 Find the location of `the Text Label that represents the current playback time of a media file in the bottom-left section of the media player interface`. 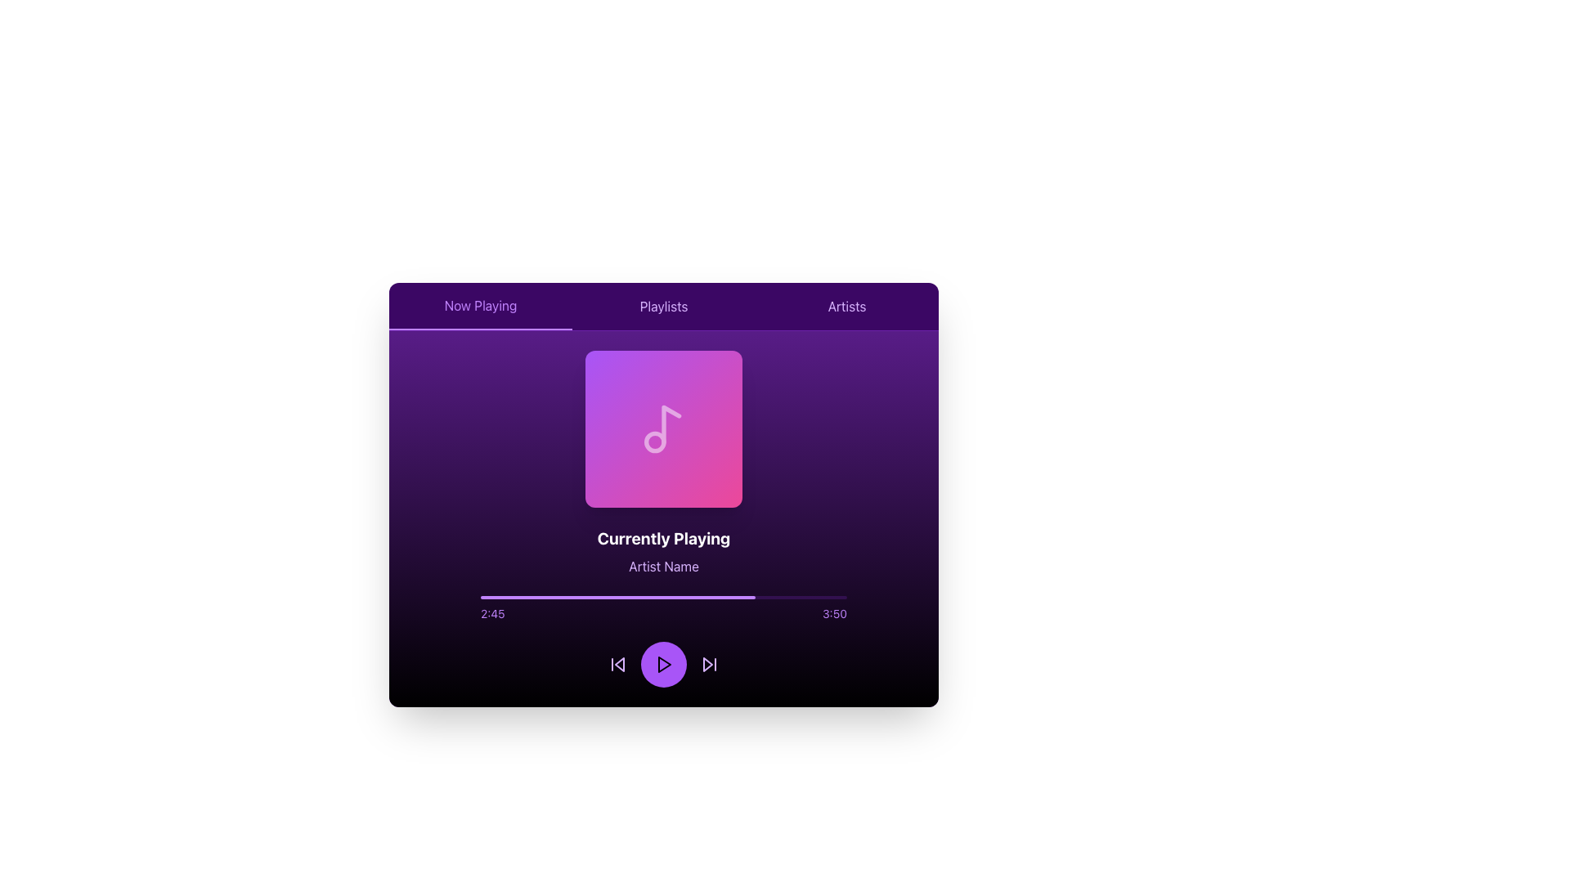

the Text Label that represents the current playback time of a media file in the bottom-left section of the media player interface is located at coordinates (491, 614).